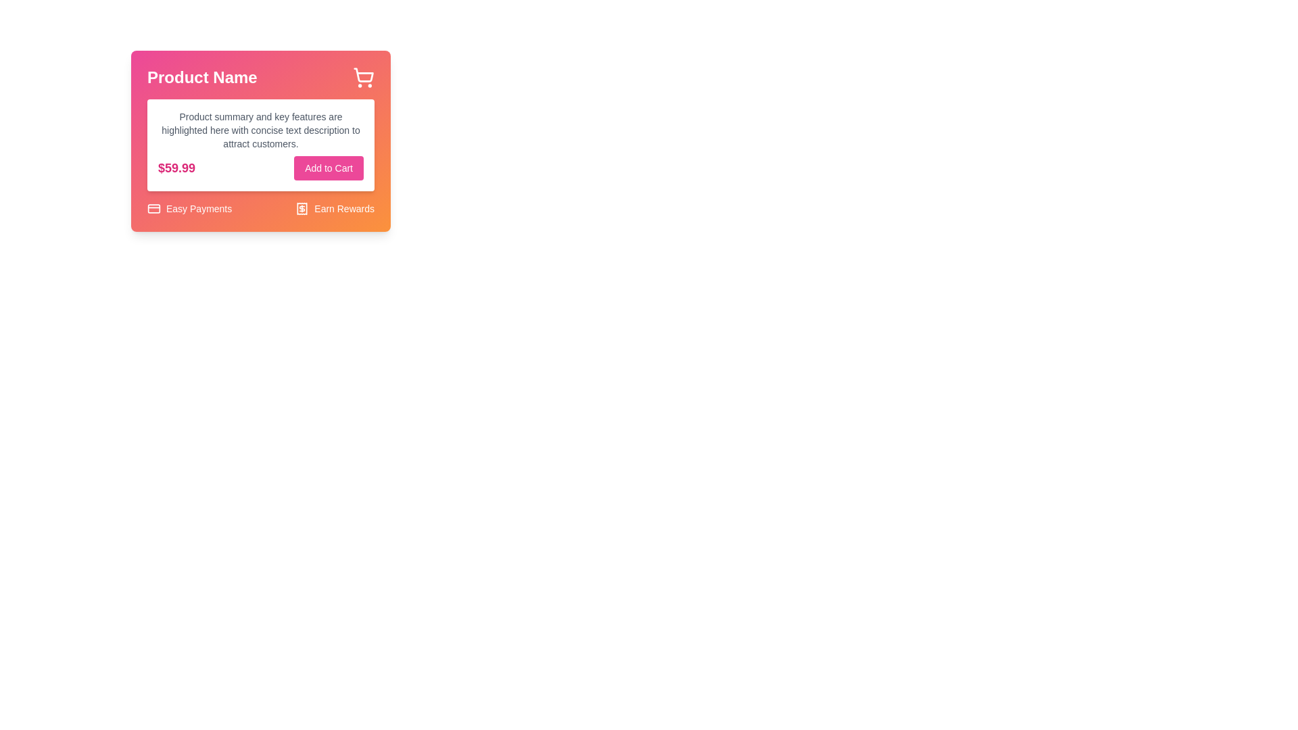 The height and width of the screenshot is (730, 1298). I want to click on the 'Earn Rewards' SVG icon located at the bottom right of the product card interface, which visually represents the earning rewards functionality, so click(302, 208).